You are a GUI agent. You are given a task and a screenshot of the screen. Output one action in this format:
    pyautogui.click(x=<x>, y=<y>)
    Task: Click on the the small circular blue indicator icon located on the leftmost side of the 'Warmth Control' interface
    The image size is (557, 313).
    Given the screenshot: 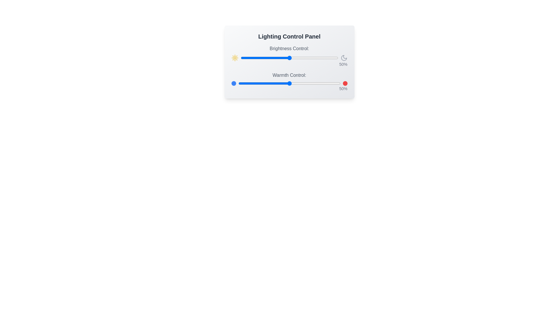 What is the action you would take?
    pyautogui.click(x=234, y=83)
    